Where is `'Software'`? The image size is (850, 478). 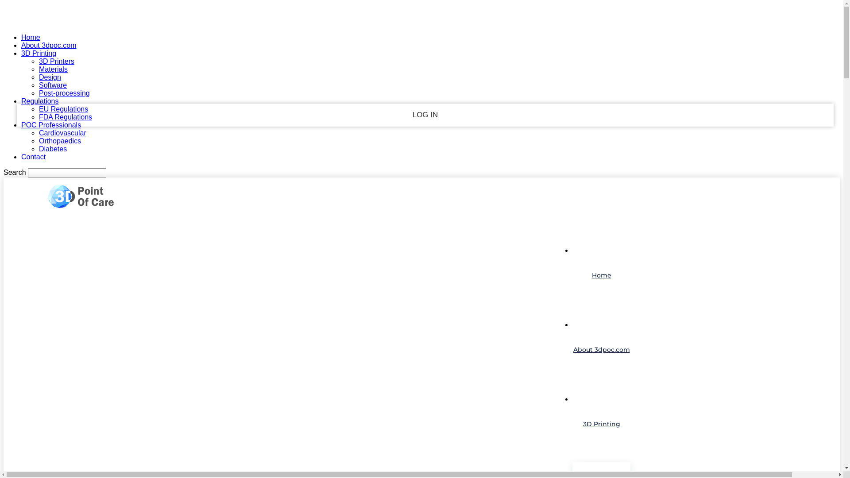 'Software' is located at coordinates (52, 85).